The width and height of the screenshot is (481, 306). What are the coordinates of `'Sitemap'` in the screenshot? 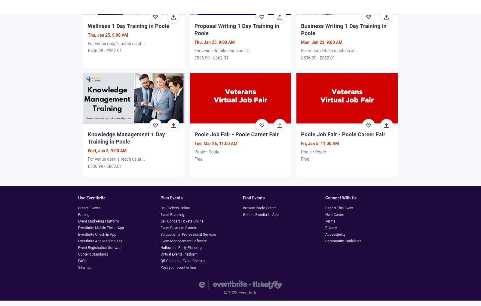 It's located at (85, 267).